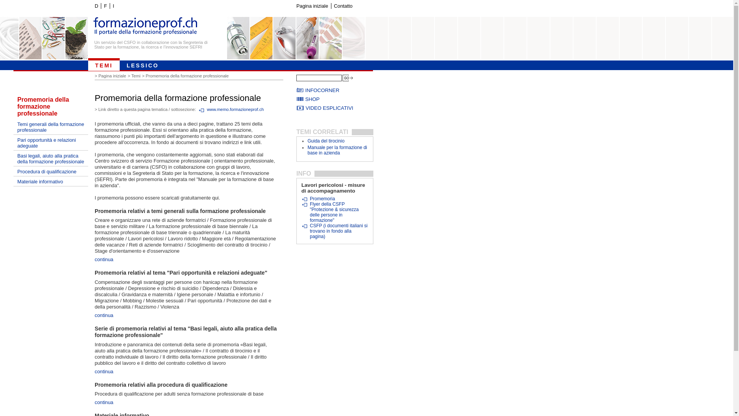 The width and height of the screenshot is (739, 416). Describe the element at coordinates (326, 141) in the screenshot. I see `'Guida del tirocinio'` at that location.